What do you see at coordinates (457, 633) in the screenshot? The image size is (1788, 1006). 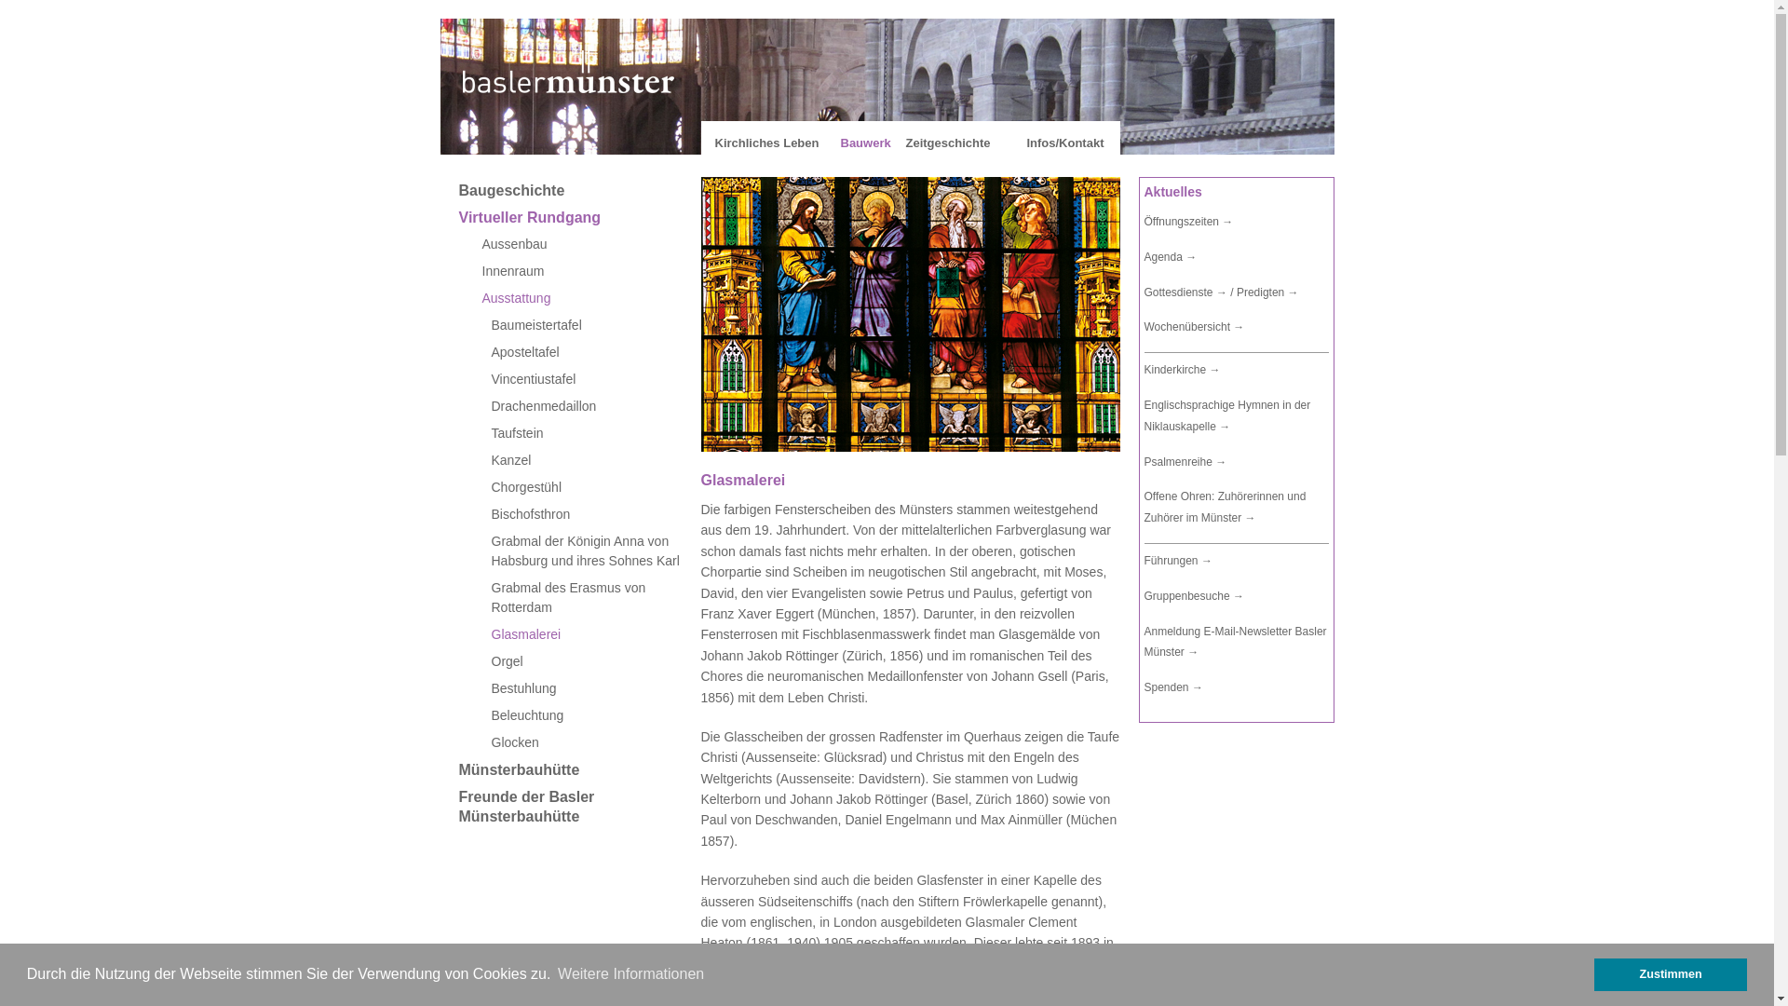 I see `'Glasmalerei'` at bounding box center [457, 633].